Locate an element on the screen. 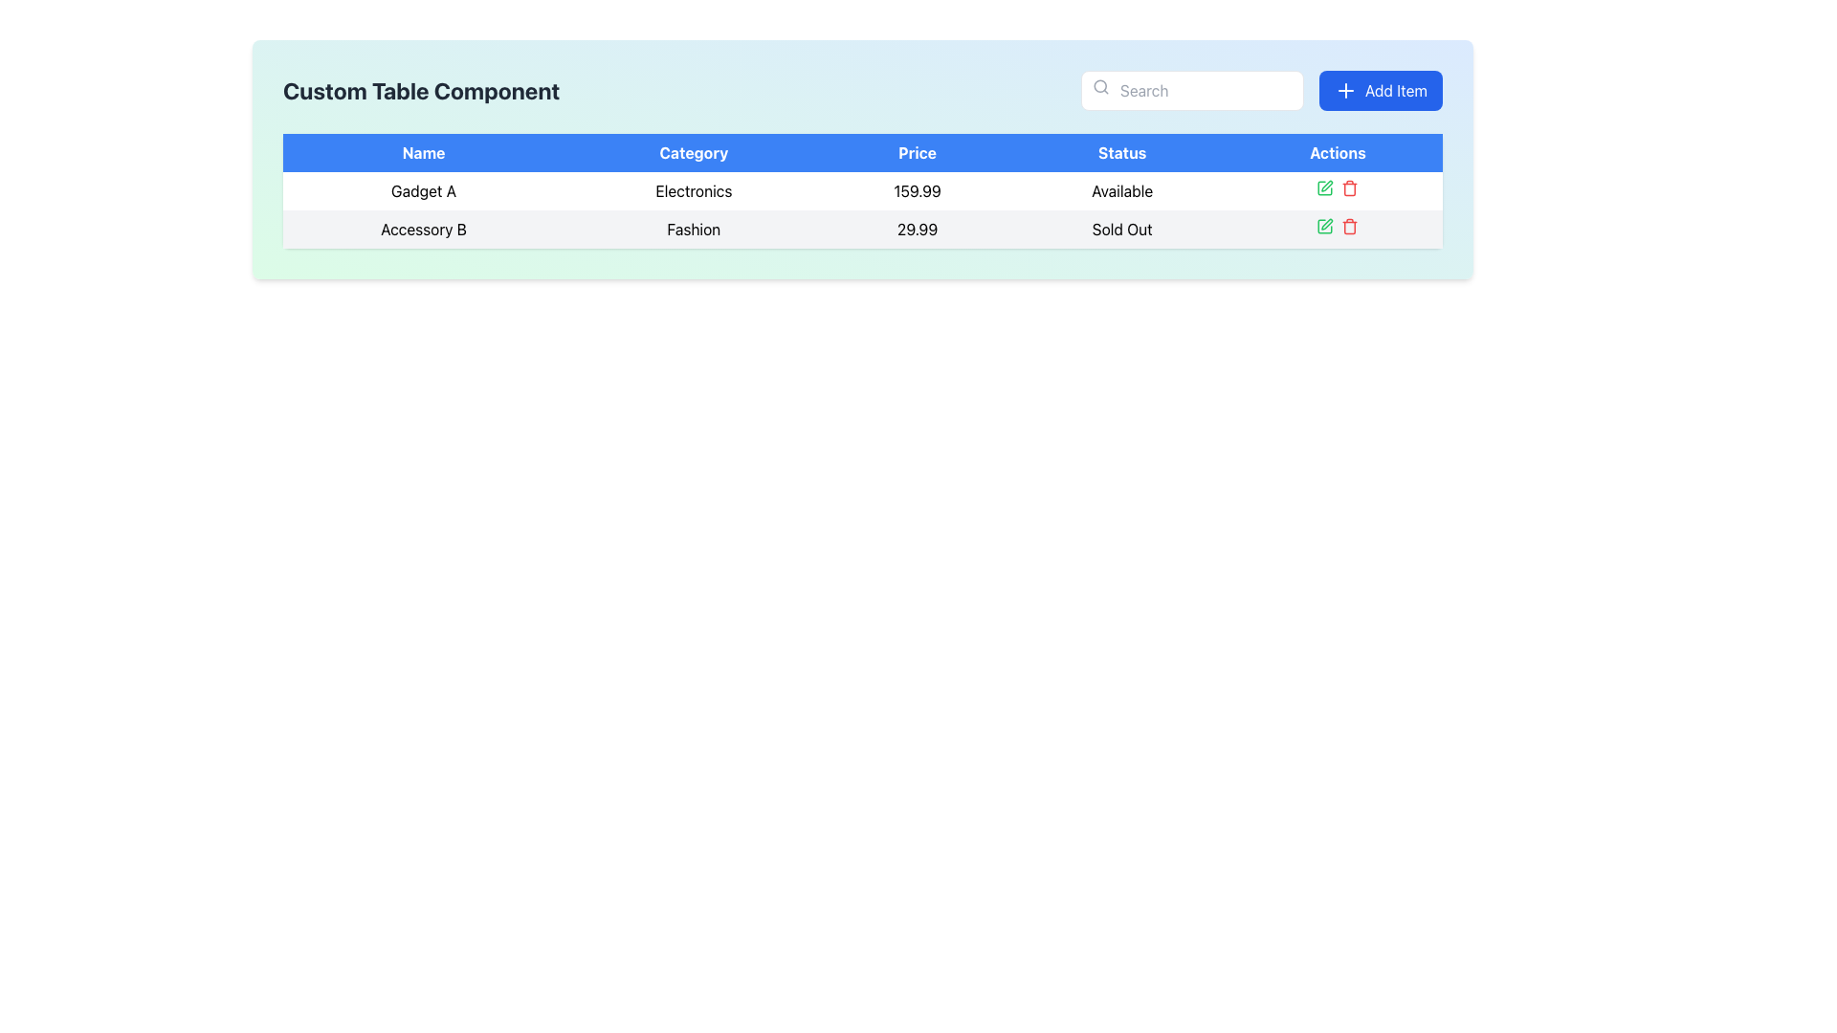 The height and width of the screenshot is (1033, 1837). the delete icon button located in the second row of the 'Actions' column, adjacent to the 'Sold Out' status is located at coordinates (1349, 187).